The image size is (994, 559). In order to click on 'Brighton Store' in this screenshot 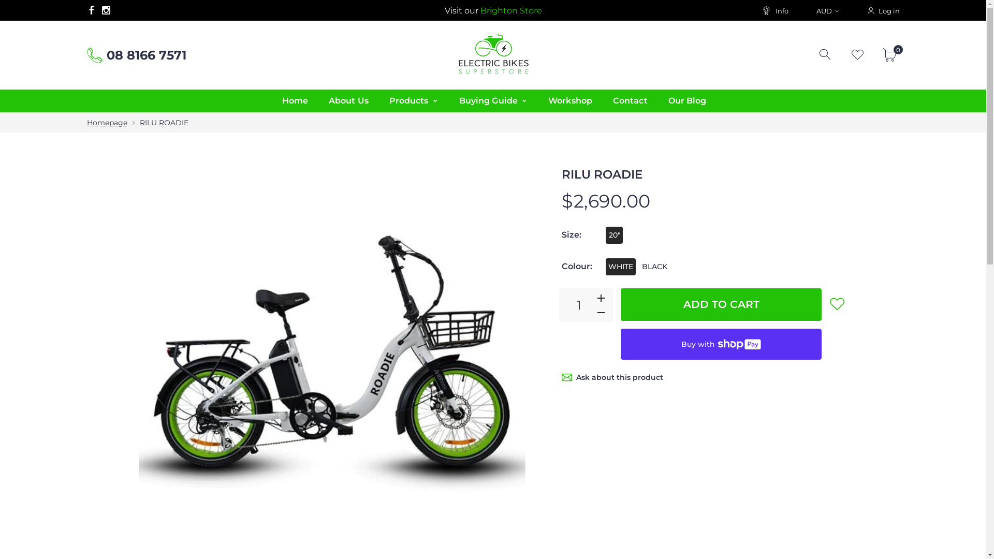, I will do `click(479, 10)`.